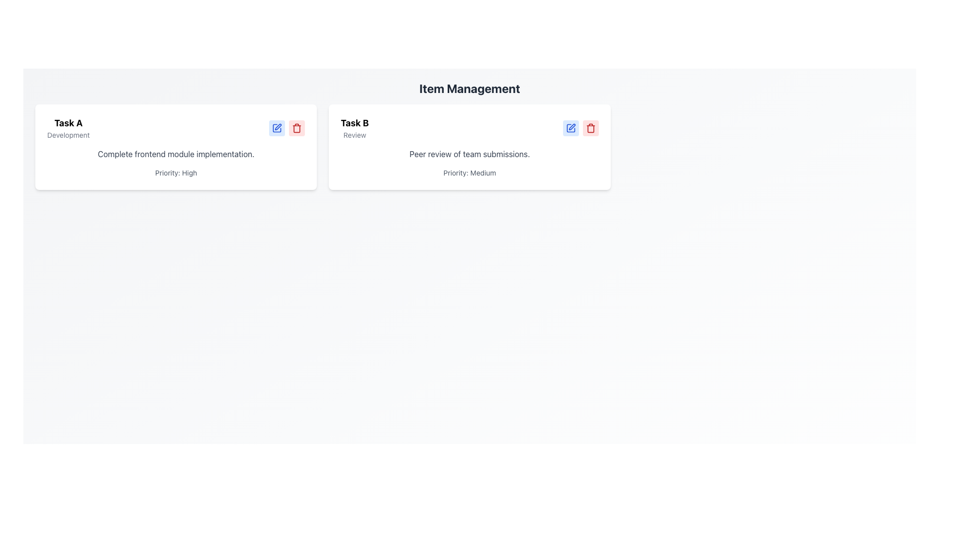  What do you see at coordinates (580, 128) in the screenshot?
I see `the Button Group containing the blue 'pen inside a square' icon and the red 'trash bin' icon` at bounding box center [580, 128].